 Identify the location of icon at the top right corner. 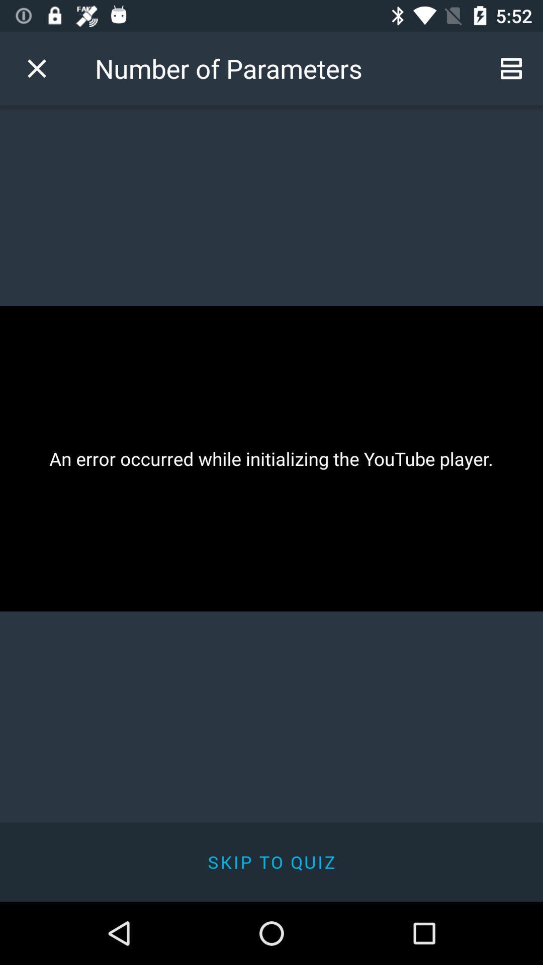
(511, 68).